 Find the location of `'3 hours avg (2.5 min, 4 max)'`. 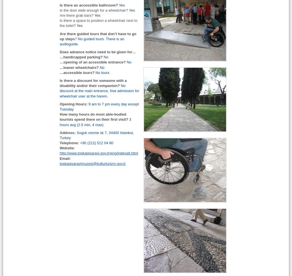

'3 hours avg (2.5 min, 4 max)' is located at coordinates (95, 122).